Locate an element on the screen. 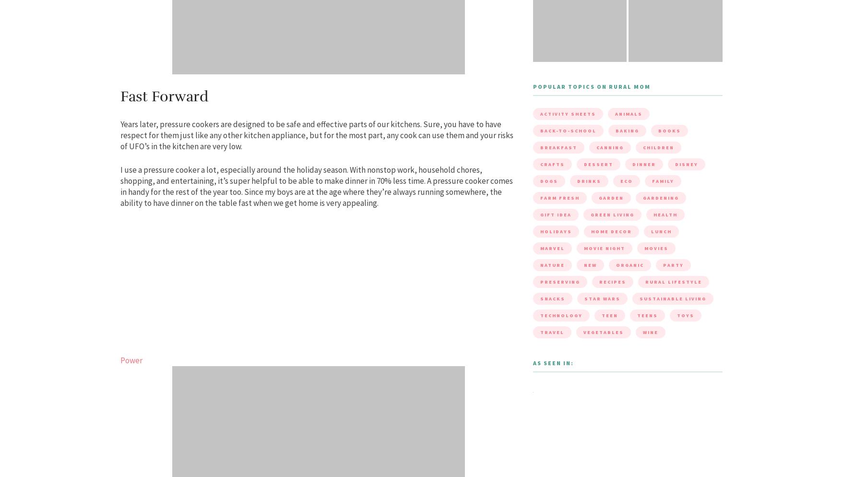 This screenshot has width=843, height=477. 'farm fresh' is located at coordinates (558, 197).